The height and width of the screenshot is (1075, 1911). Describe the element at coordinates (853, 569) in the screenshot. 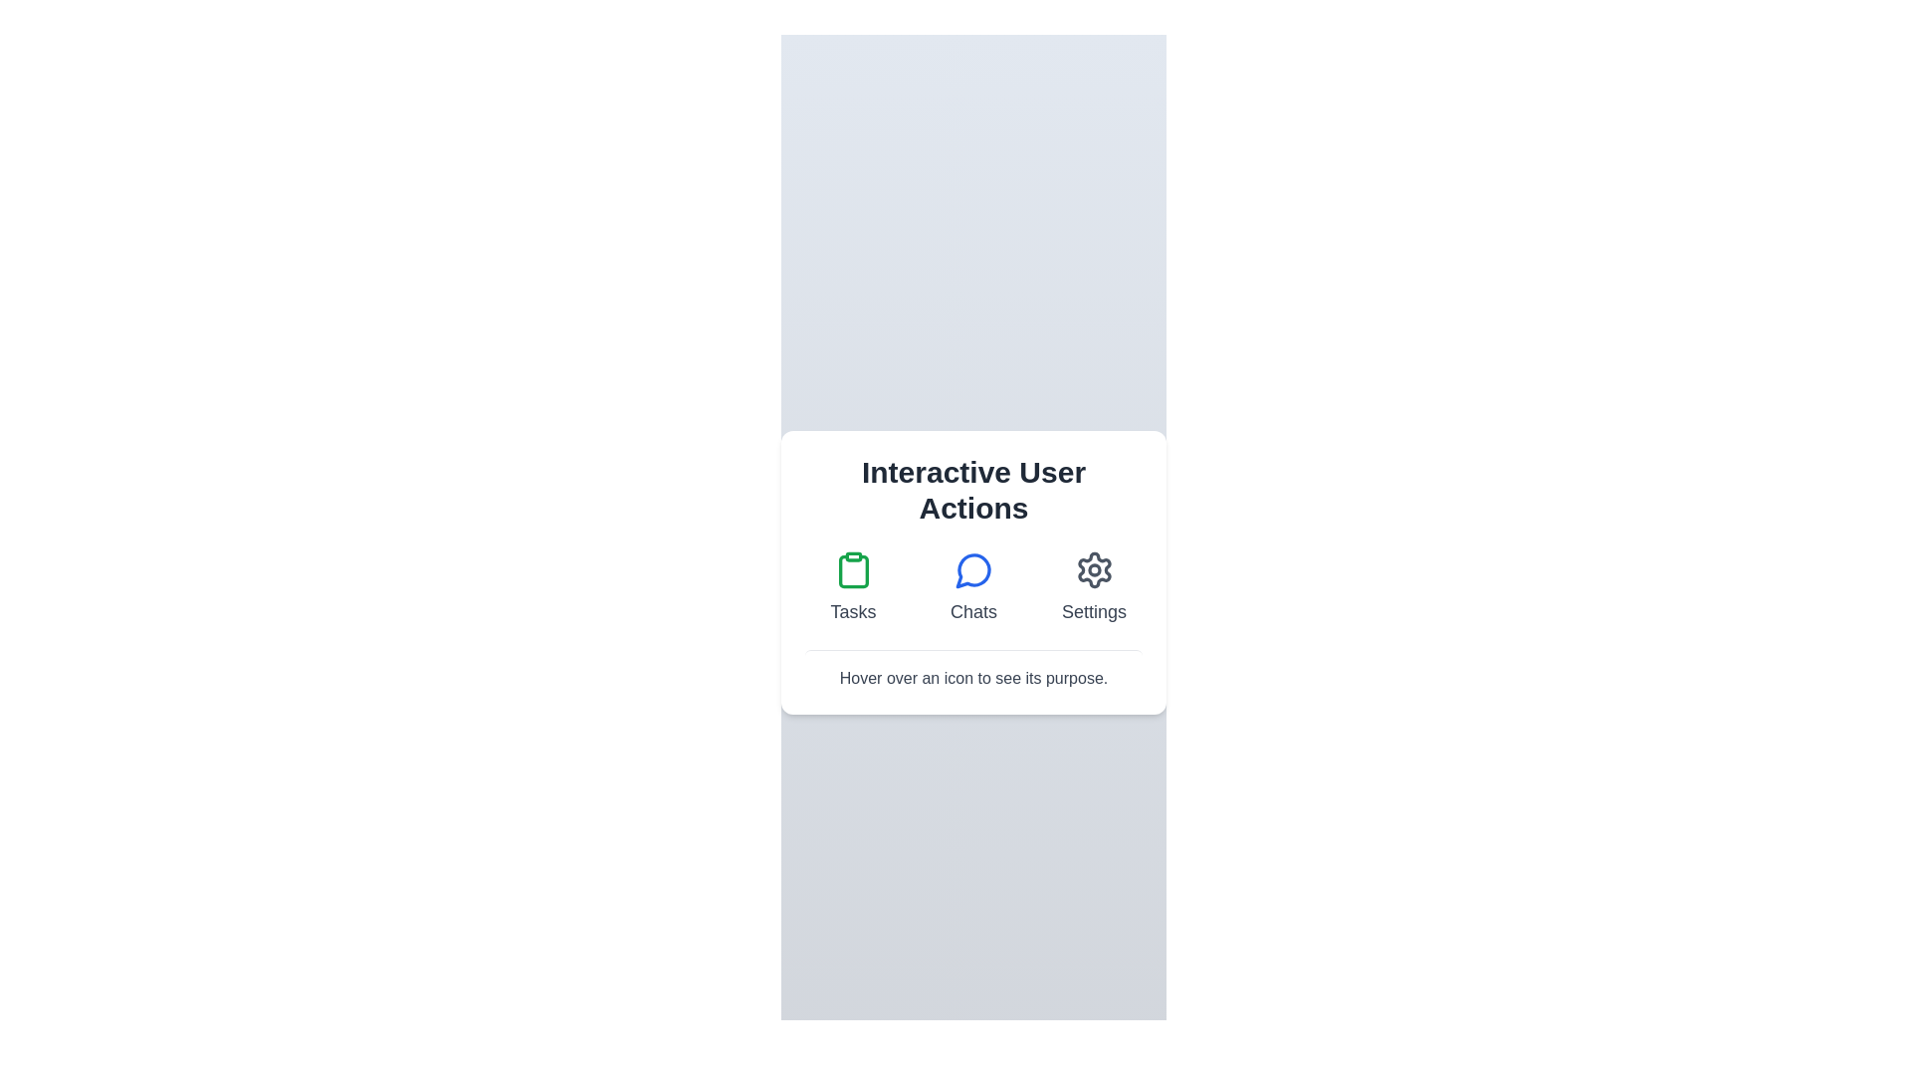

I see `the 'Tasks' icon located on the leftmost side of the three main interactive icons` at that location.